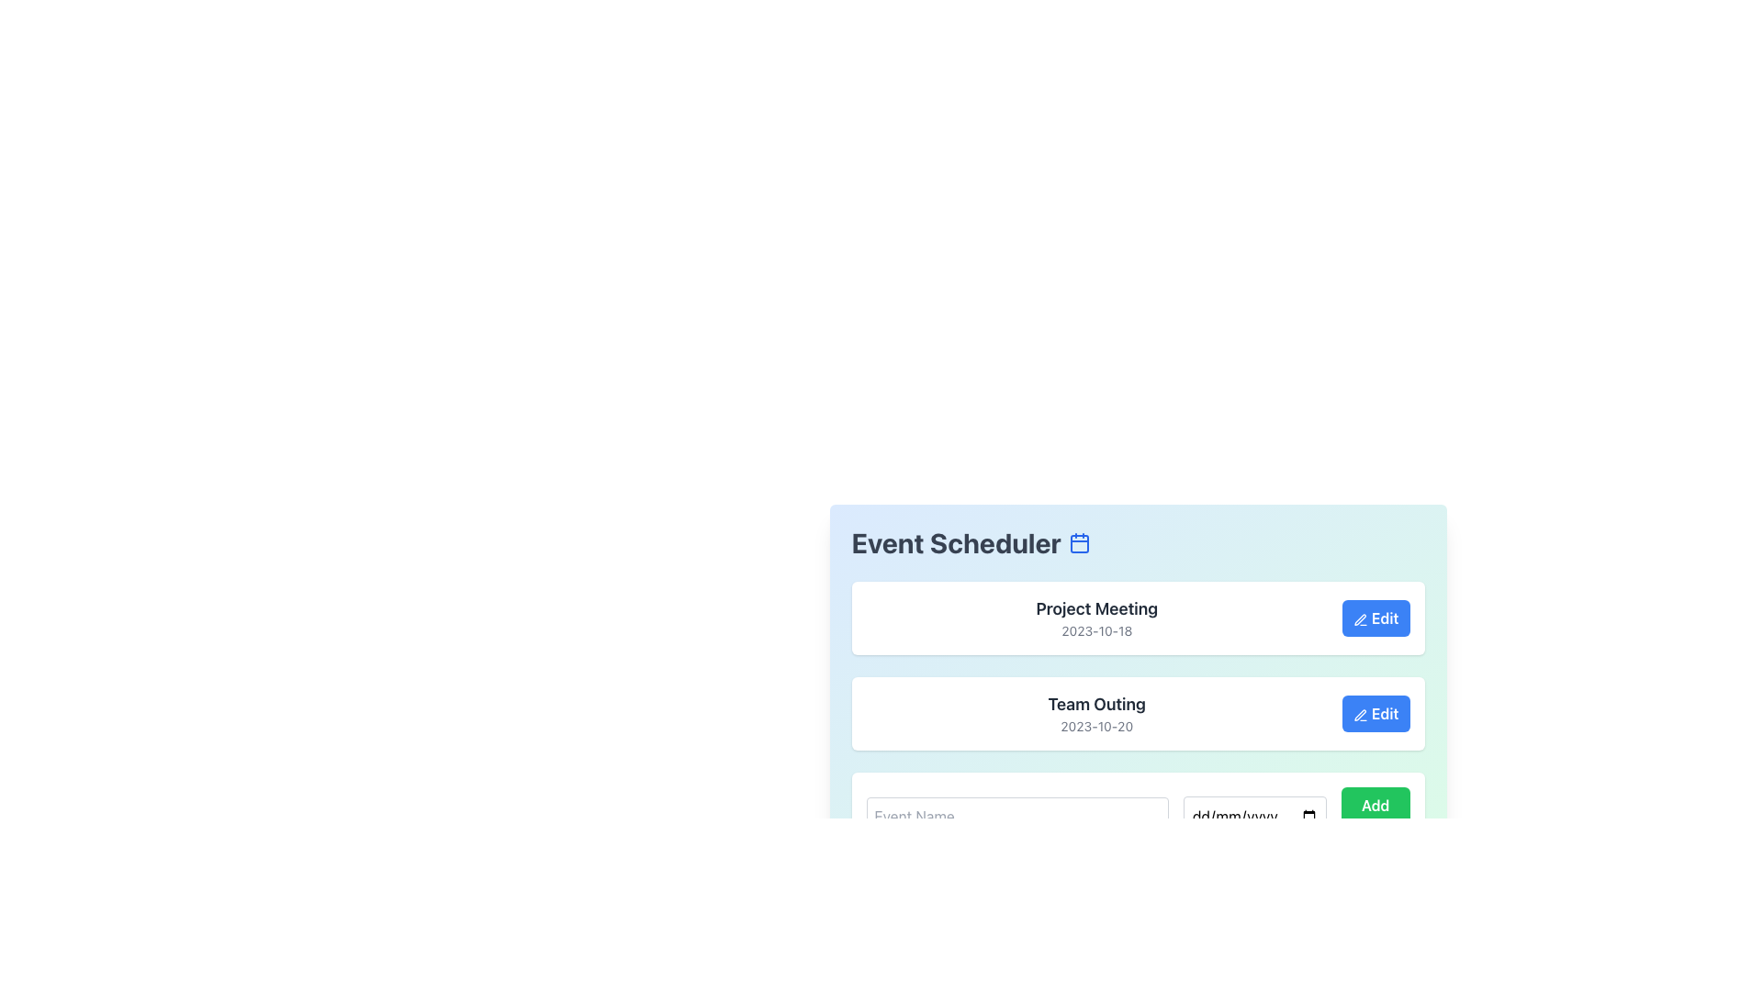 The height and width of the screenshot is (991, 1763). What do you see at coordinates (1096, 713) in the screenshot?
I see `the static text displaying the title 'Team Outing' and date '2023-10-20' in the Event Scheduler list` at bounding box center [1096, 713].